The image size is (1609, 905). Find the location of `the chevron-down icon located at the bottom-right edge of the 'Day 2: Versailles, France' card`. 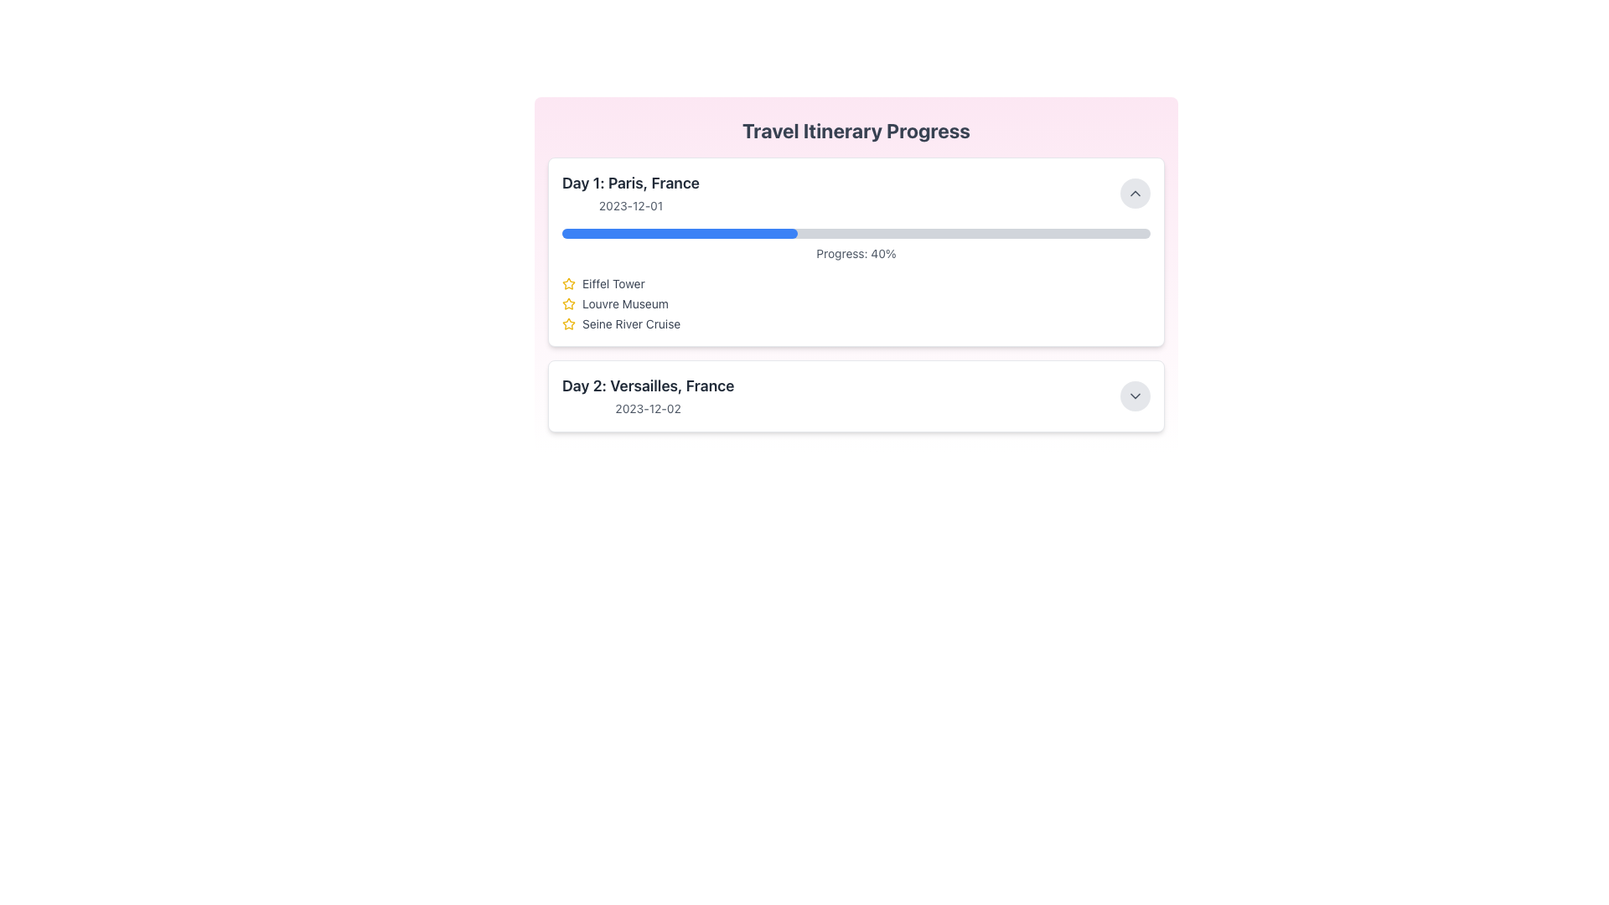

the chevron-down icon located at the bottom-right edge of the 'Day 2: Versailles, France' card is located at coordinates (1135, 396).